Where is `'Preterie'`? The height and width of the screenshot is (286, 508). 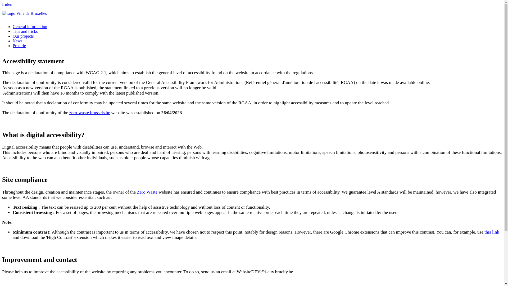
'Preterie' is located at coordinates (13, 45).